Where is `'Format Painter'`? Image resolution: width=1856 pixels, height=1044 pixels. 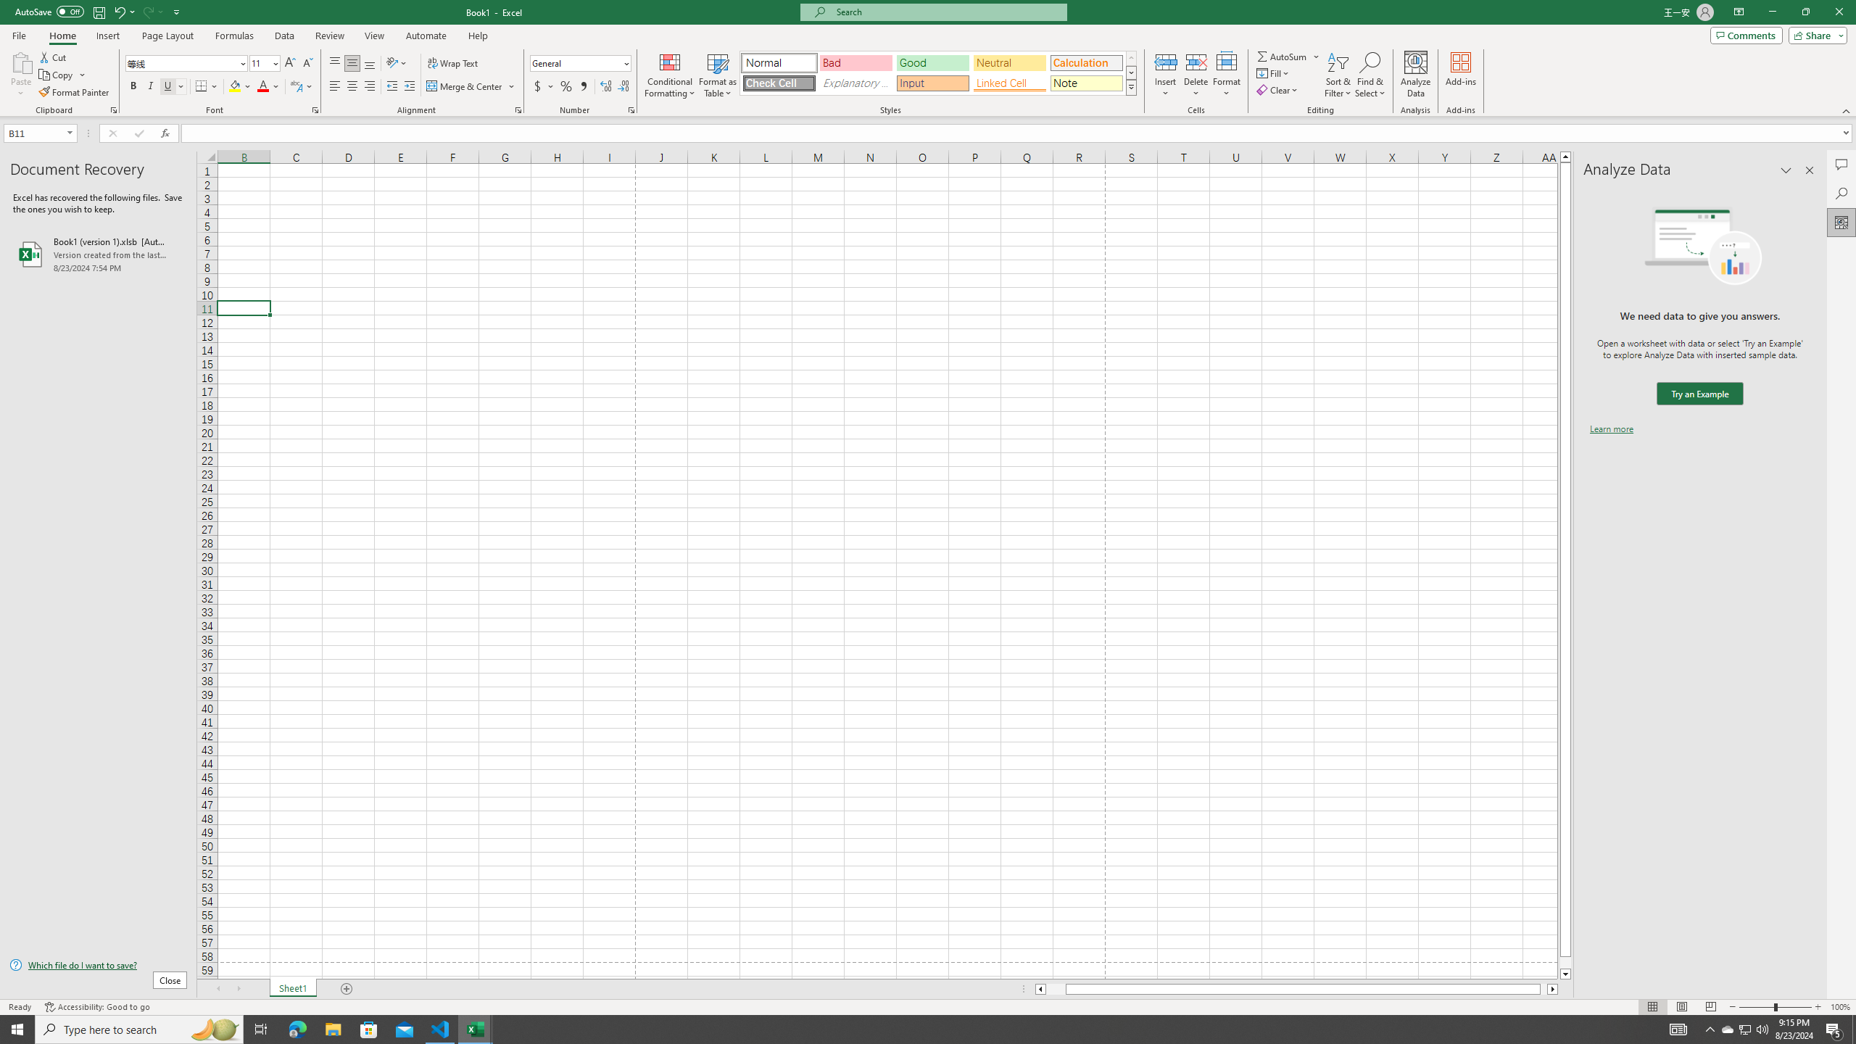
'Format Painter' is located at coordinates (74, 92).